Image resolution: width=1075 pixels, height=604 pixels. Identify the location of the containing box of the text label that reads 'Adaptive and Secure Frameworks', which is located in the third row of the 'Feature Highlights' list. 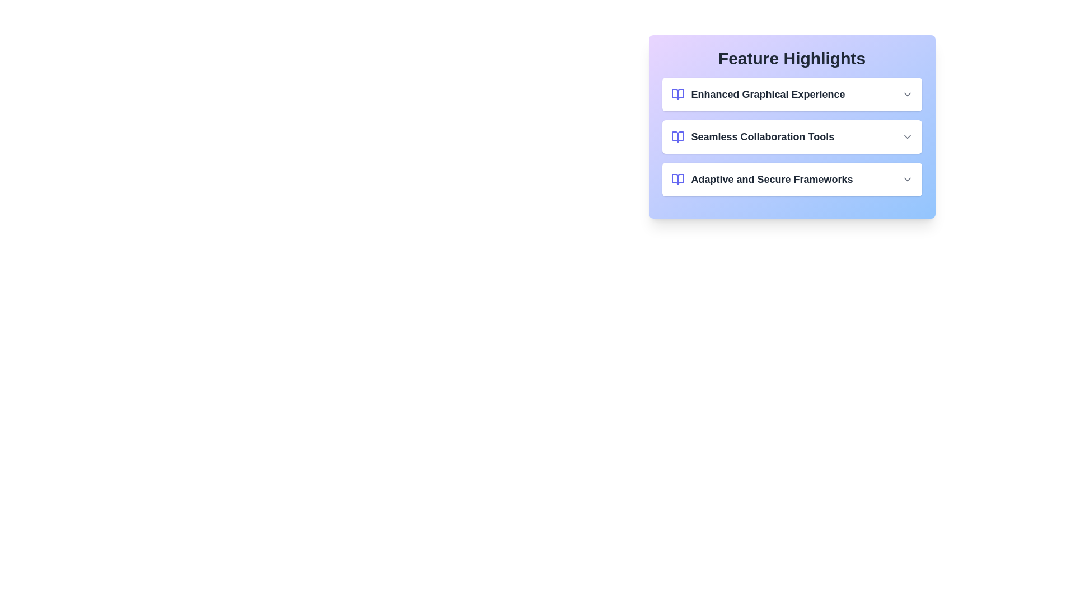
(761, 178).